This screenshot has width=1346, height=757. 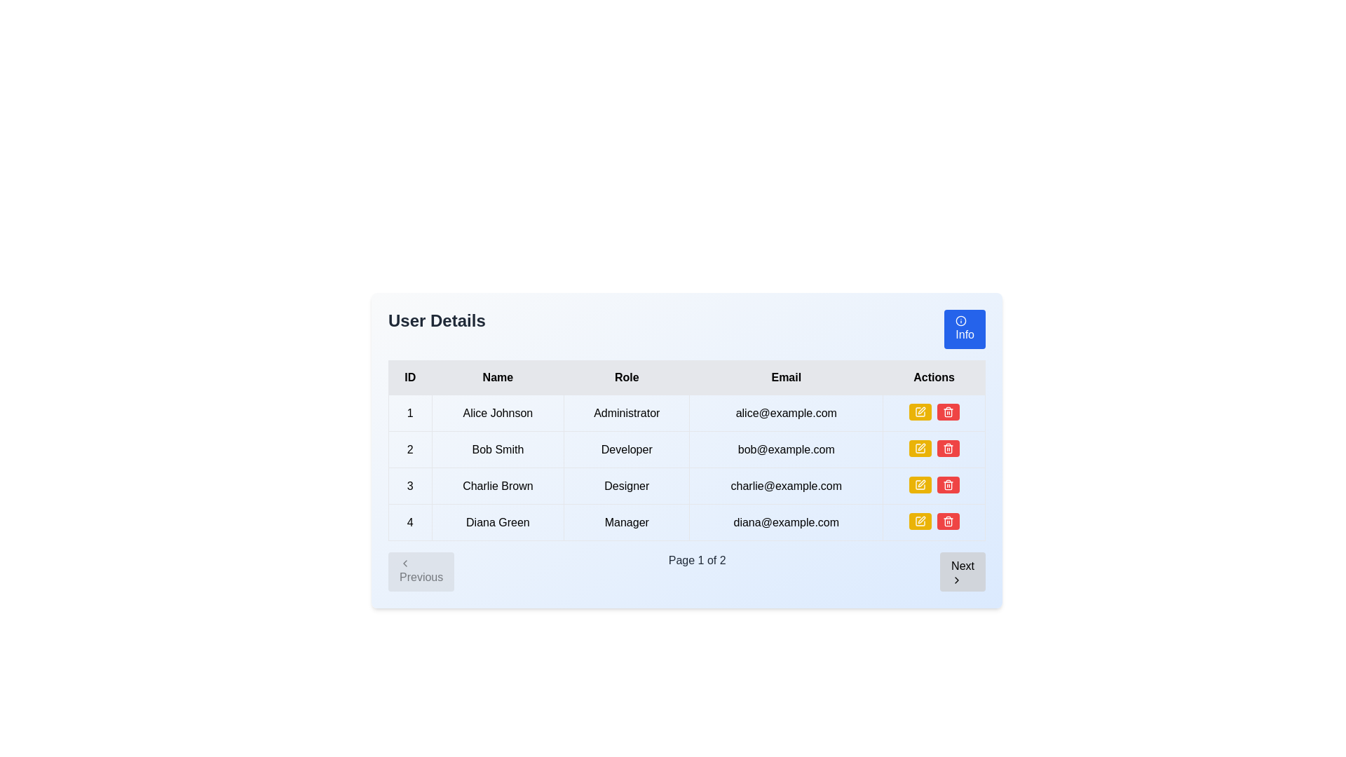 I want to click on the delete button with a red background and white text, featuring a trash can icon, located at the rightmost end of the action buttons in the 'Actions' column of the third row in the user details table, so click(x=948, y=449).